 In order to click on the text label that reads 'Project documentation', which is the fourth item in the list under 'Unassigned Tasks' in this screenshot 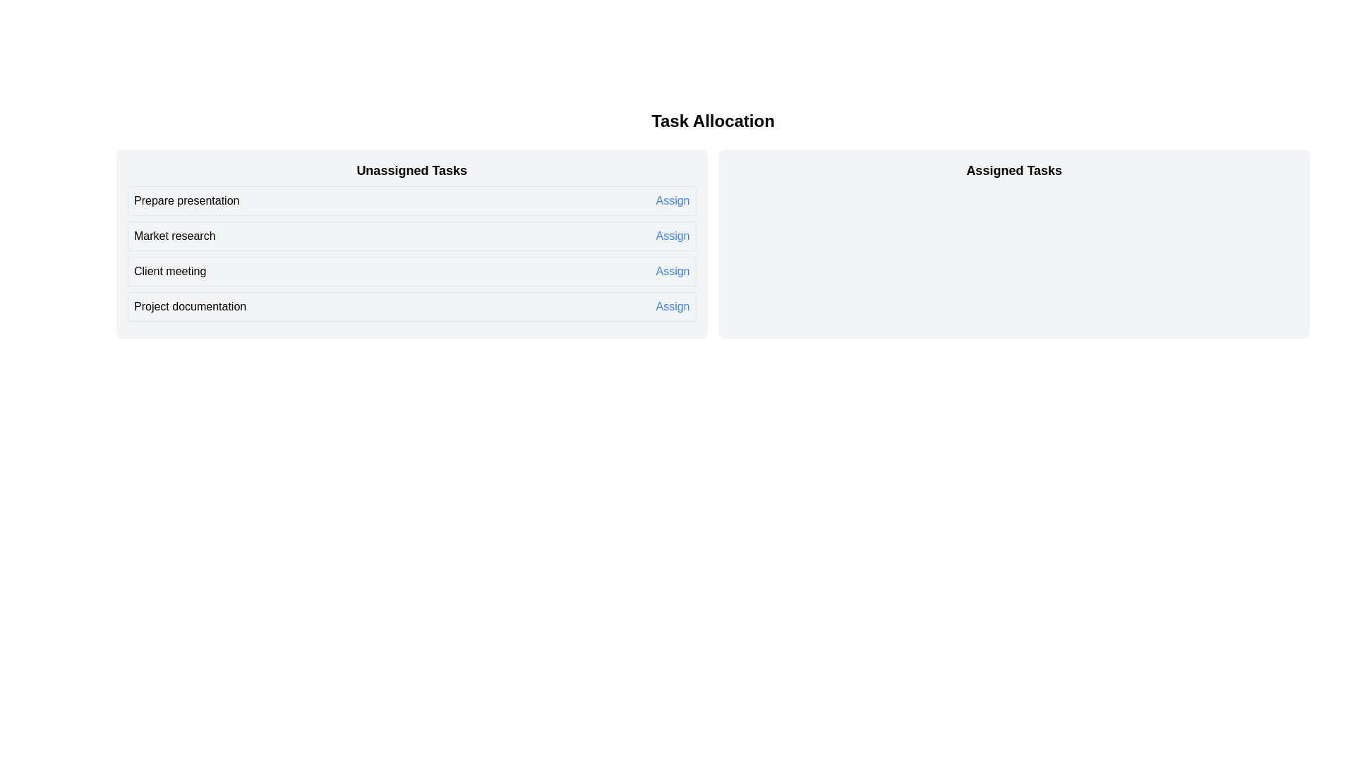, I will do `click(189, 306)`.